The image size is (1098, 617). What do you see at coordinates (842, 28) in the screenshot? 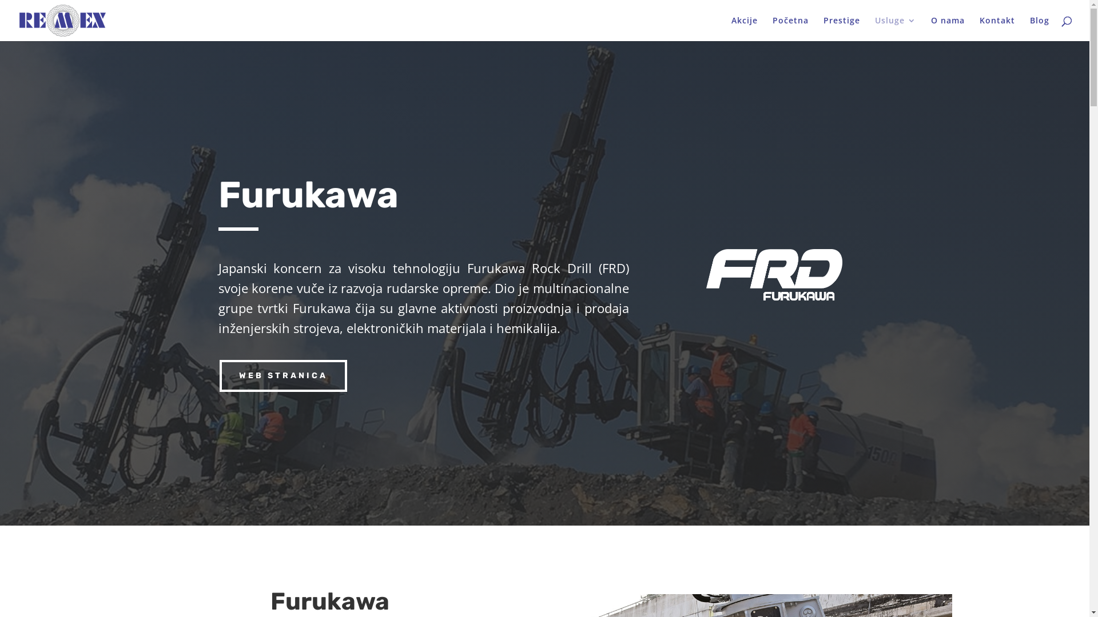
I see `'Prestige'` at bounding box center [842, 28].